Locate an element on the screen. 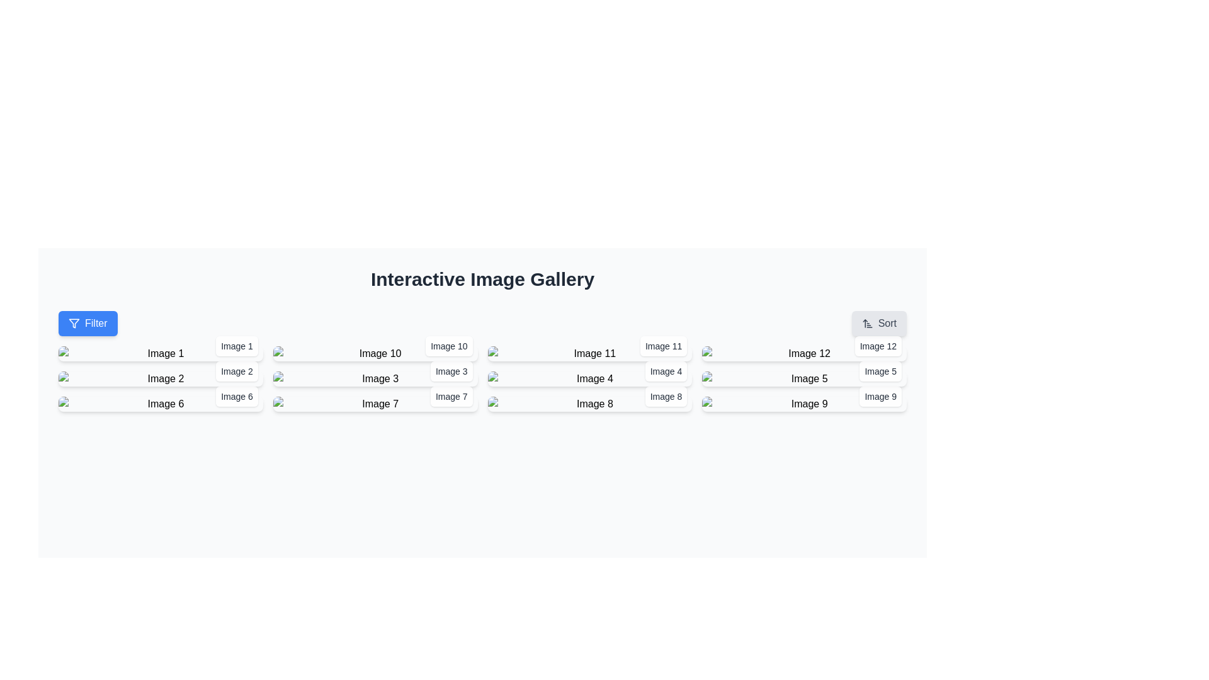 Image resolution: width=1209 pixels, height=680 pixels. the 'Sort' button that contains an ascending sorting order icon, which is represented by an upward arrow to the left of the text 'Sort' is located at coordinates (866, 322).